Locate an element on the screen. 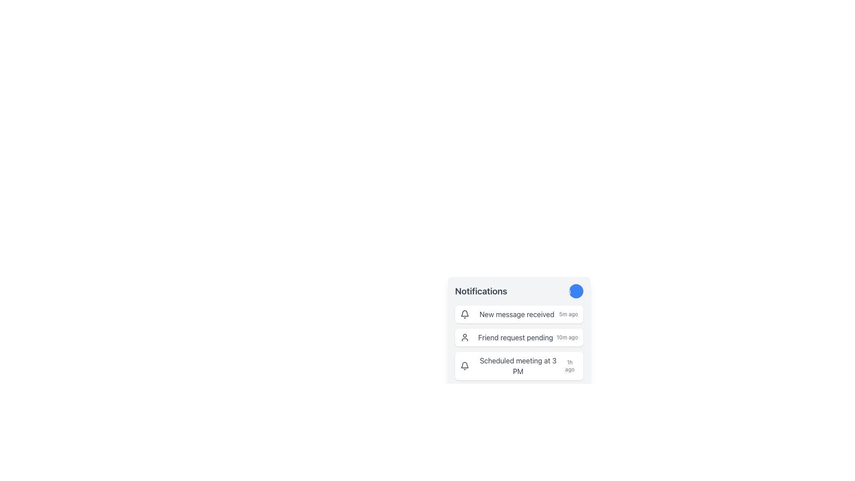 The height and width of the screenshot is (481, 855). the first notification item component is located at coordinates (519, 314).